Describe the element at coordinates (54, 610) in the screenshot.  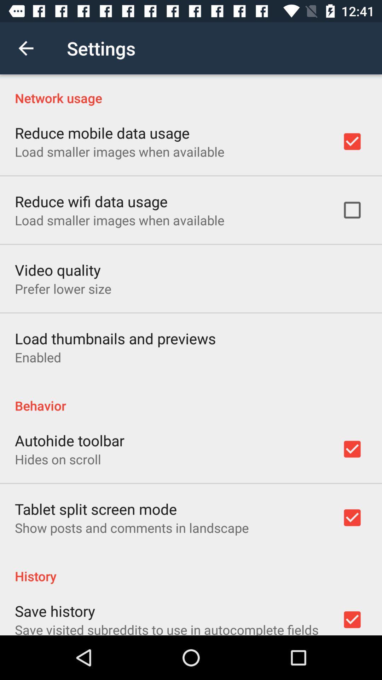
I see `item above save visited subreddits item` at that location.